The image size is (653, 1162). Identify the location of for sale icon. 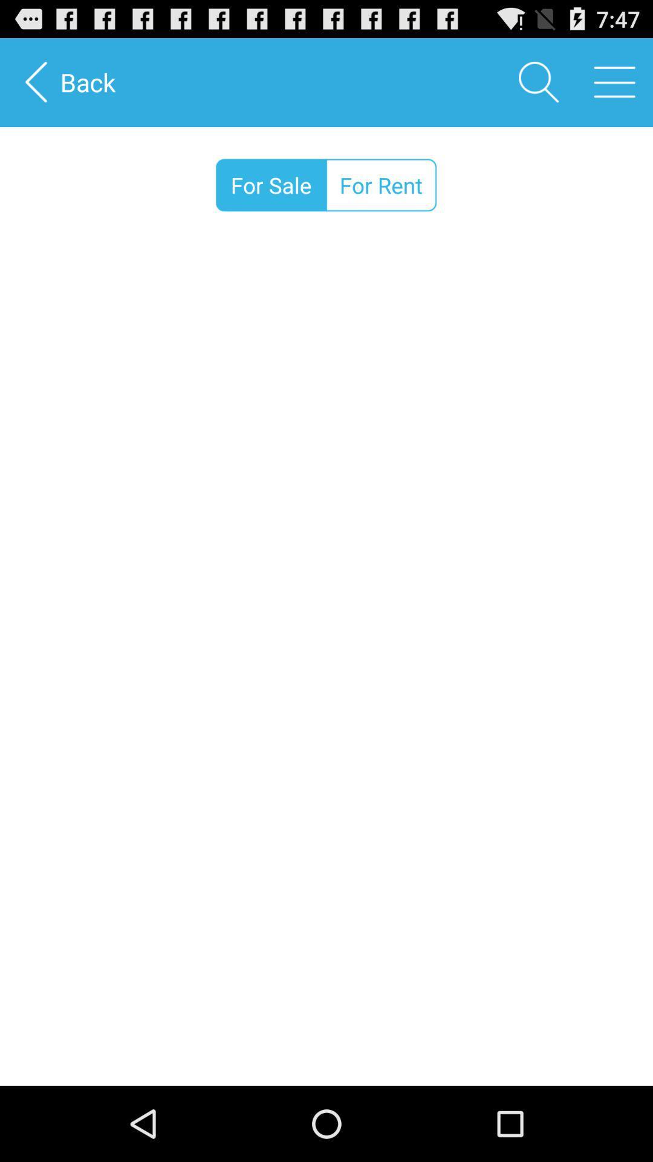
(270, 185).